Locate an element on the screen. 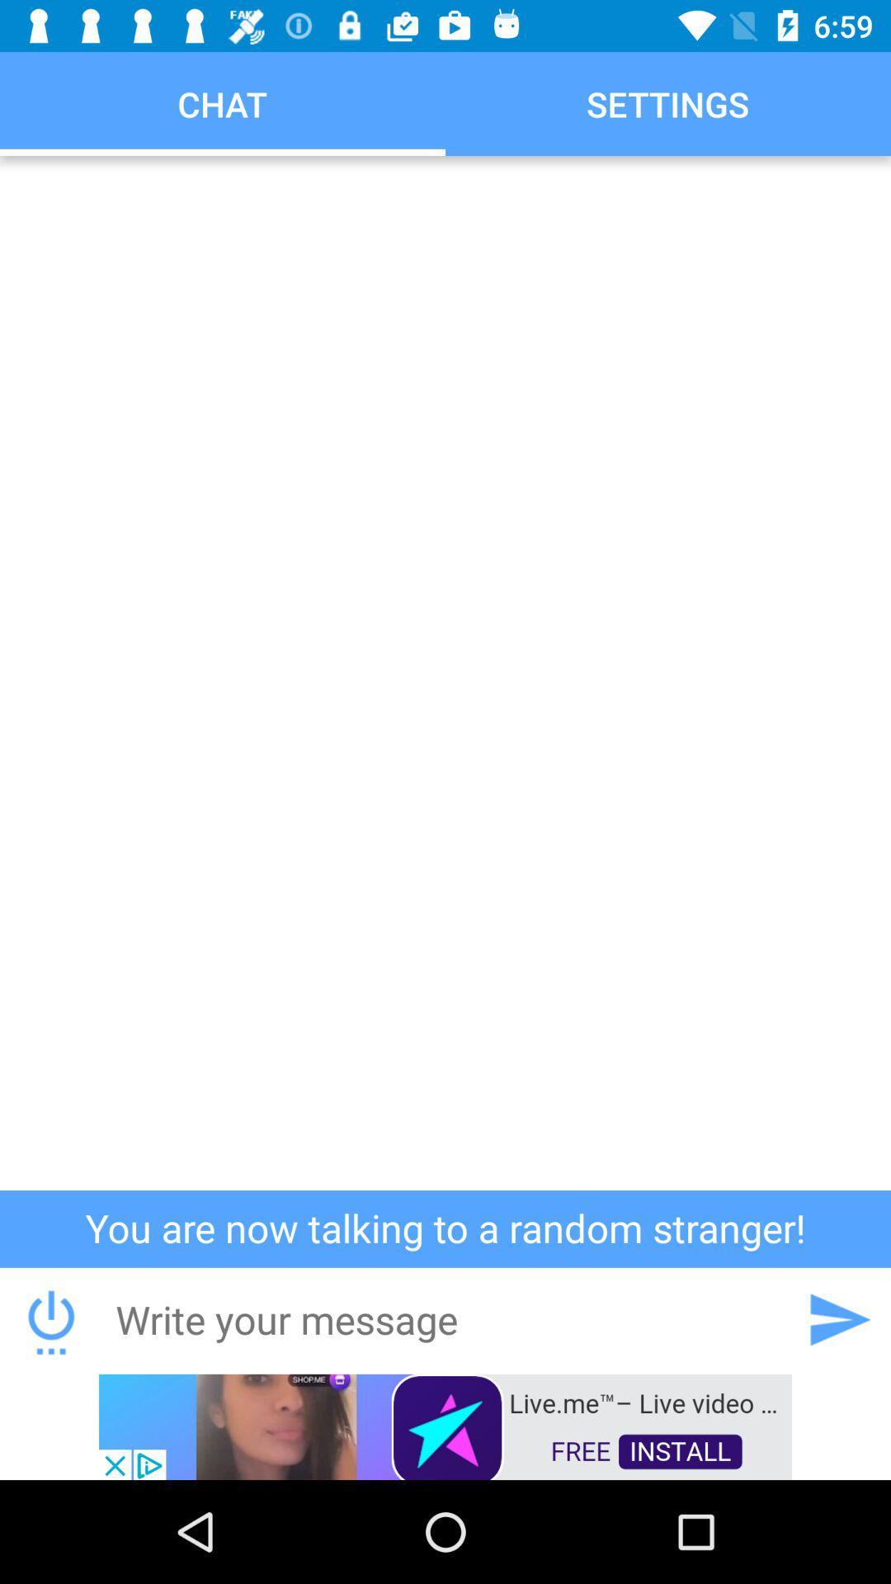 This screenshot has width=891, height=1584. advertisement is located at coordinates (445, 1425).